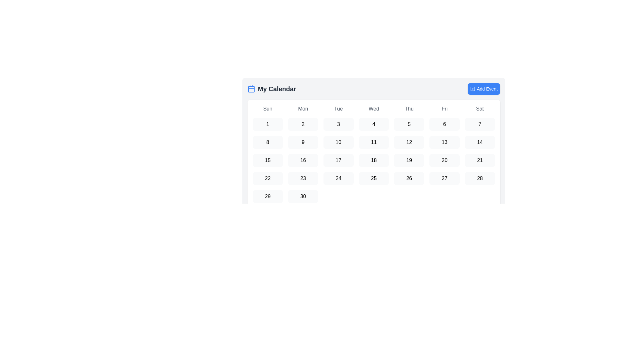 Image resolution: width=618 pixels, height=348 pixels. What do you see at coordinates (484, 89) in the screenshot?
I see `the button located in the 'My Calendar' section at the top-right corner of the calendar view to initiate the addition of new events` at bounding box center [484, 89].